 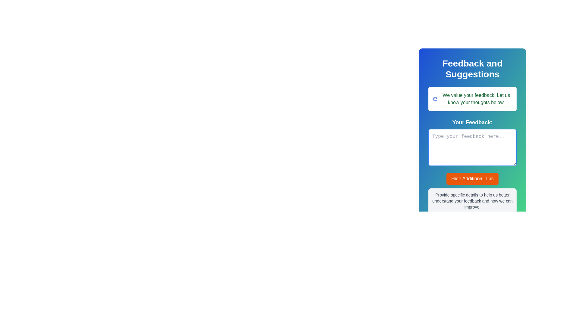 What do you see at coordinates (472, 201) in the screenshot?
I see `informational text-label element located at the bottom of the feedback section, directly below the 'Hide Additional Tips' button` at bounding box center [472, 201].